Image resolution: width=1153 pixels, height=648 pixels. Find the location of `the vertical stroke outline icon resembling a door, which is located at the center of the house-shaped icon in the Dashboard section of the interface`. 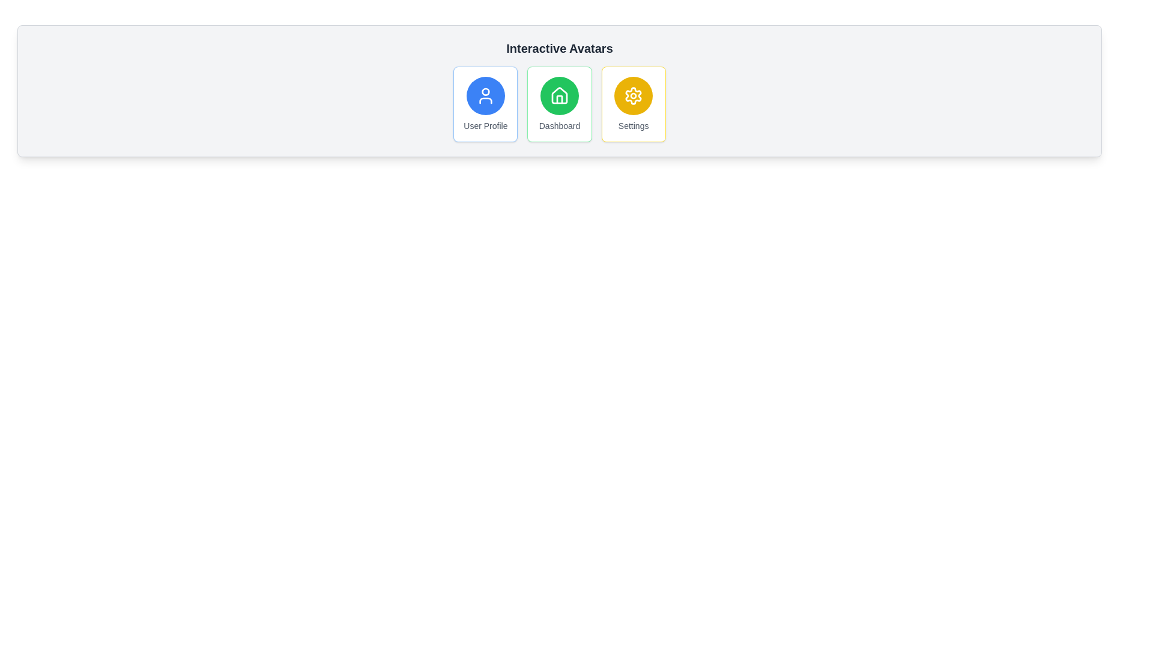

the vertical stroke outline icon resembling a door, which is located at the center of the house-shaped icon in the Dashboard section of the interface is located at coordinates (558, 98).